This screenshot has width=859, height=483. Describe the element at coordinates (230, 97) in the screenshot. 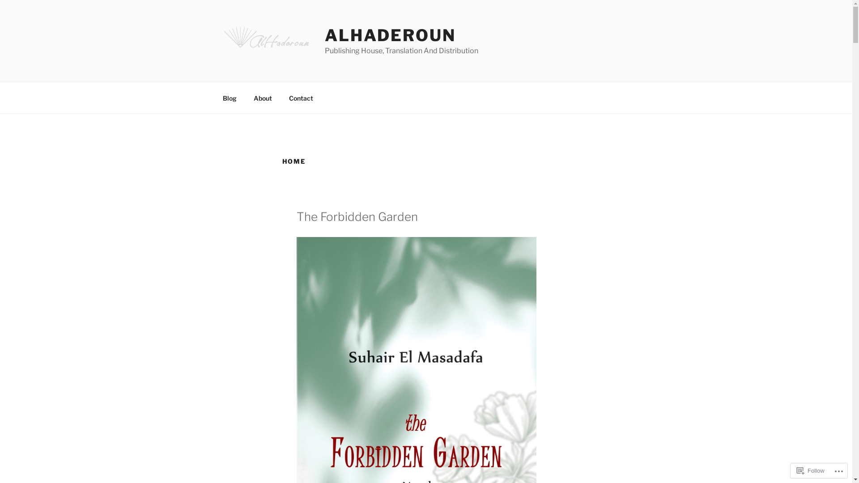

I see `'Blog'` at that location.